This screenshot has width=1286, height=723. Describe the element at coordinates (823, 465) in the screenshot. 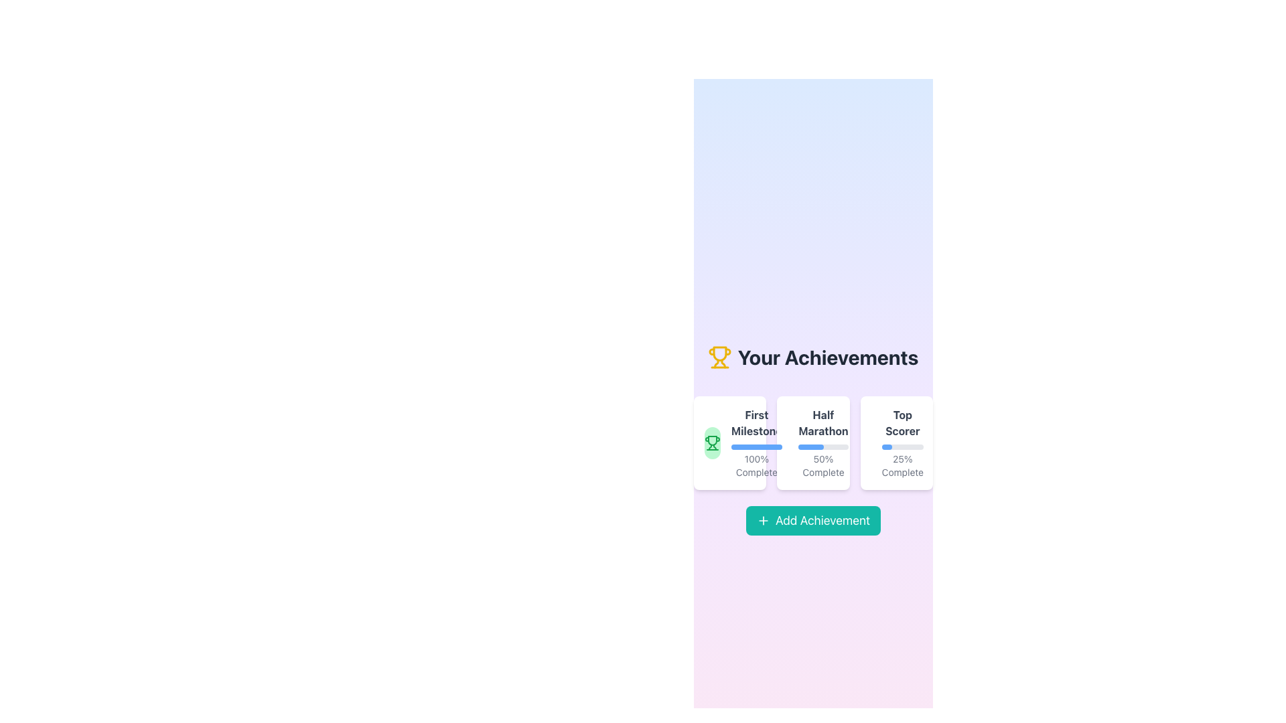

I see `the static text element displaying '50% Complete' within the 'Half Marathon' card, which is styled in gray and indicates progress` at that location.